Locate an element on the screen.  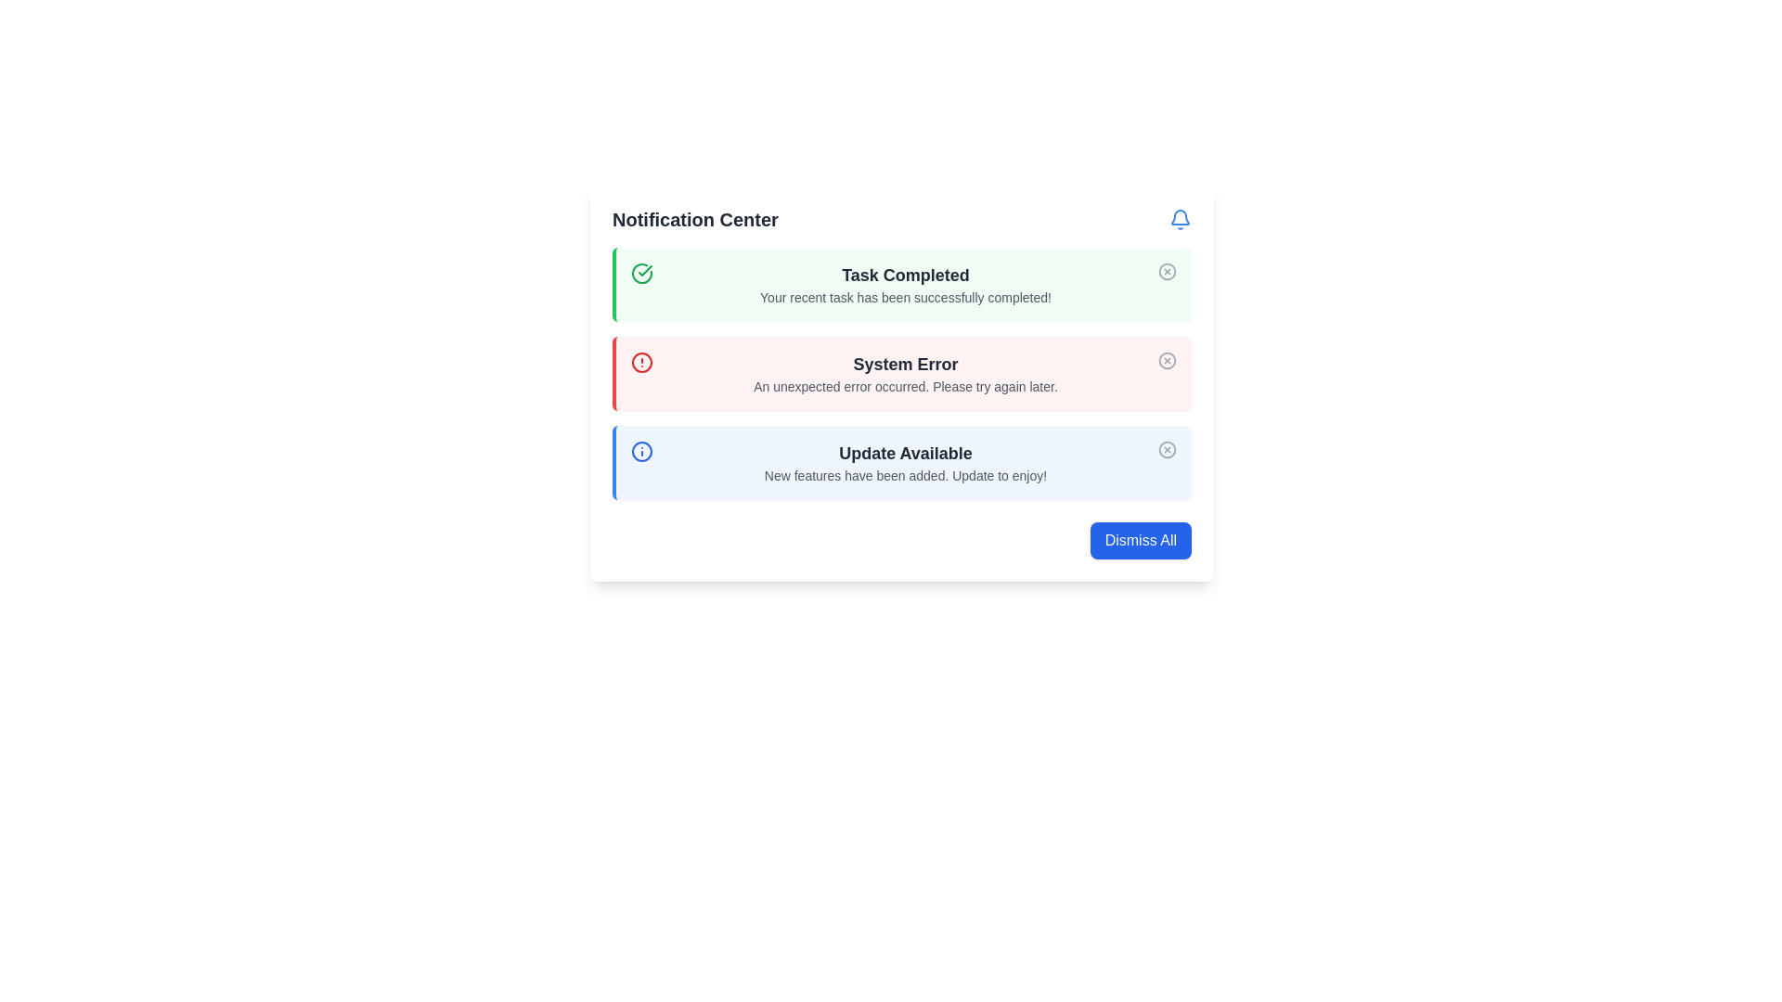
the Circular decorative SVG element located in the 'Update Available' notification block, positioned on the left side within the blue border is located at coordinates (641, 451).